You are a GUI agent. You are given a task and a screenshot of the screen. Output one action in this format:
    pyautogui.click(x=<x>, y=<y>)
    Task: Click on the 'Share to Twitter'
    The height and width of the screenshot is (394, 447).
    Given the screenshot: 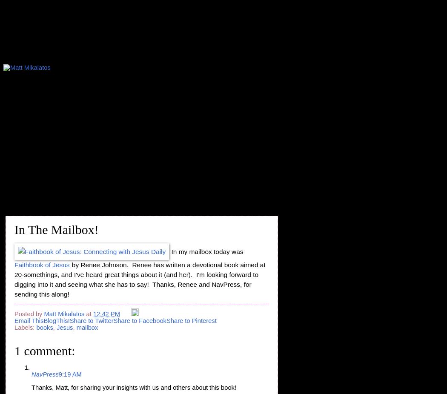 What is the action you would take?
    pyautogui.click(x=91, y=320)
    